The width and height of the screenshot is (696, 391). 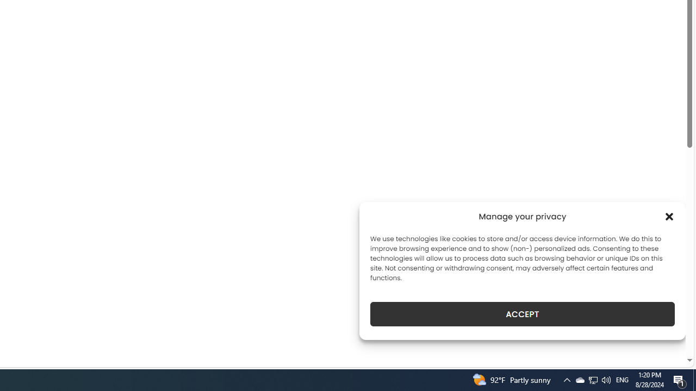 What do you see at coordinates (523, 314) in the screenshot?
I see `'ACCEPT'` at bounding box center [523, 314].